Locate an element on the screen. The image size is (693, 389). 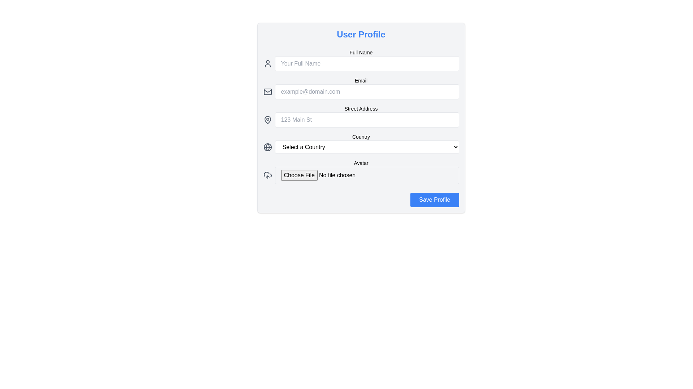
the text label that describes the dropdown menu for selecting a country, located within the 'User Profile' form is located at coordinates (361, 137).